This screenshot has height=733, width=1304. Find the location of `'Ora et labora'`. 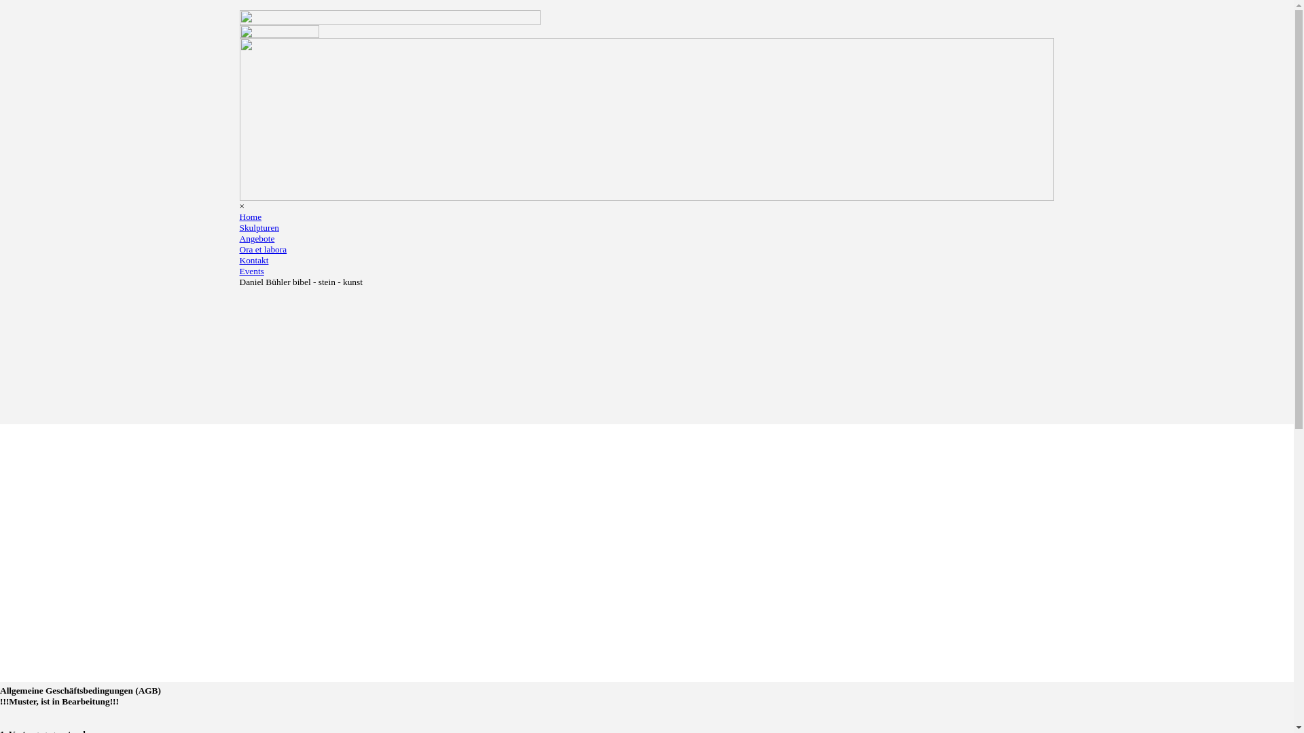

'Ora et labora' is located at coordinates (263, 249).